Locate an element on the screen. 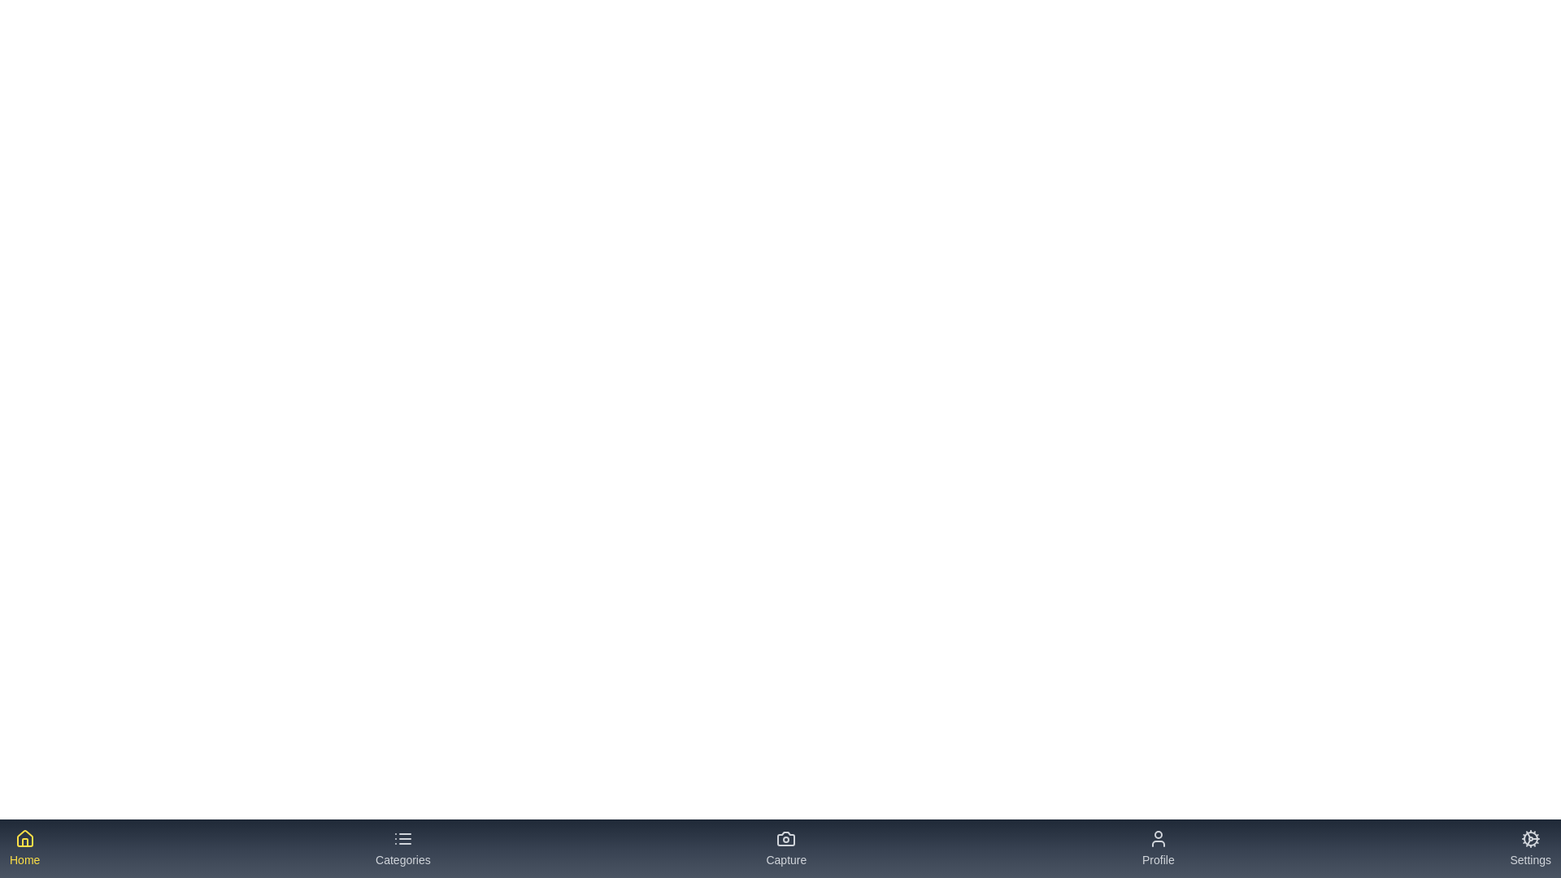  the tab labeled 'Home' to see its hover effect is located at coordinates (24, 848).